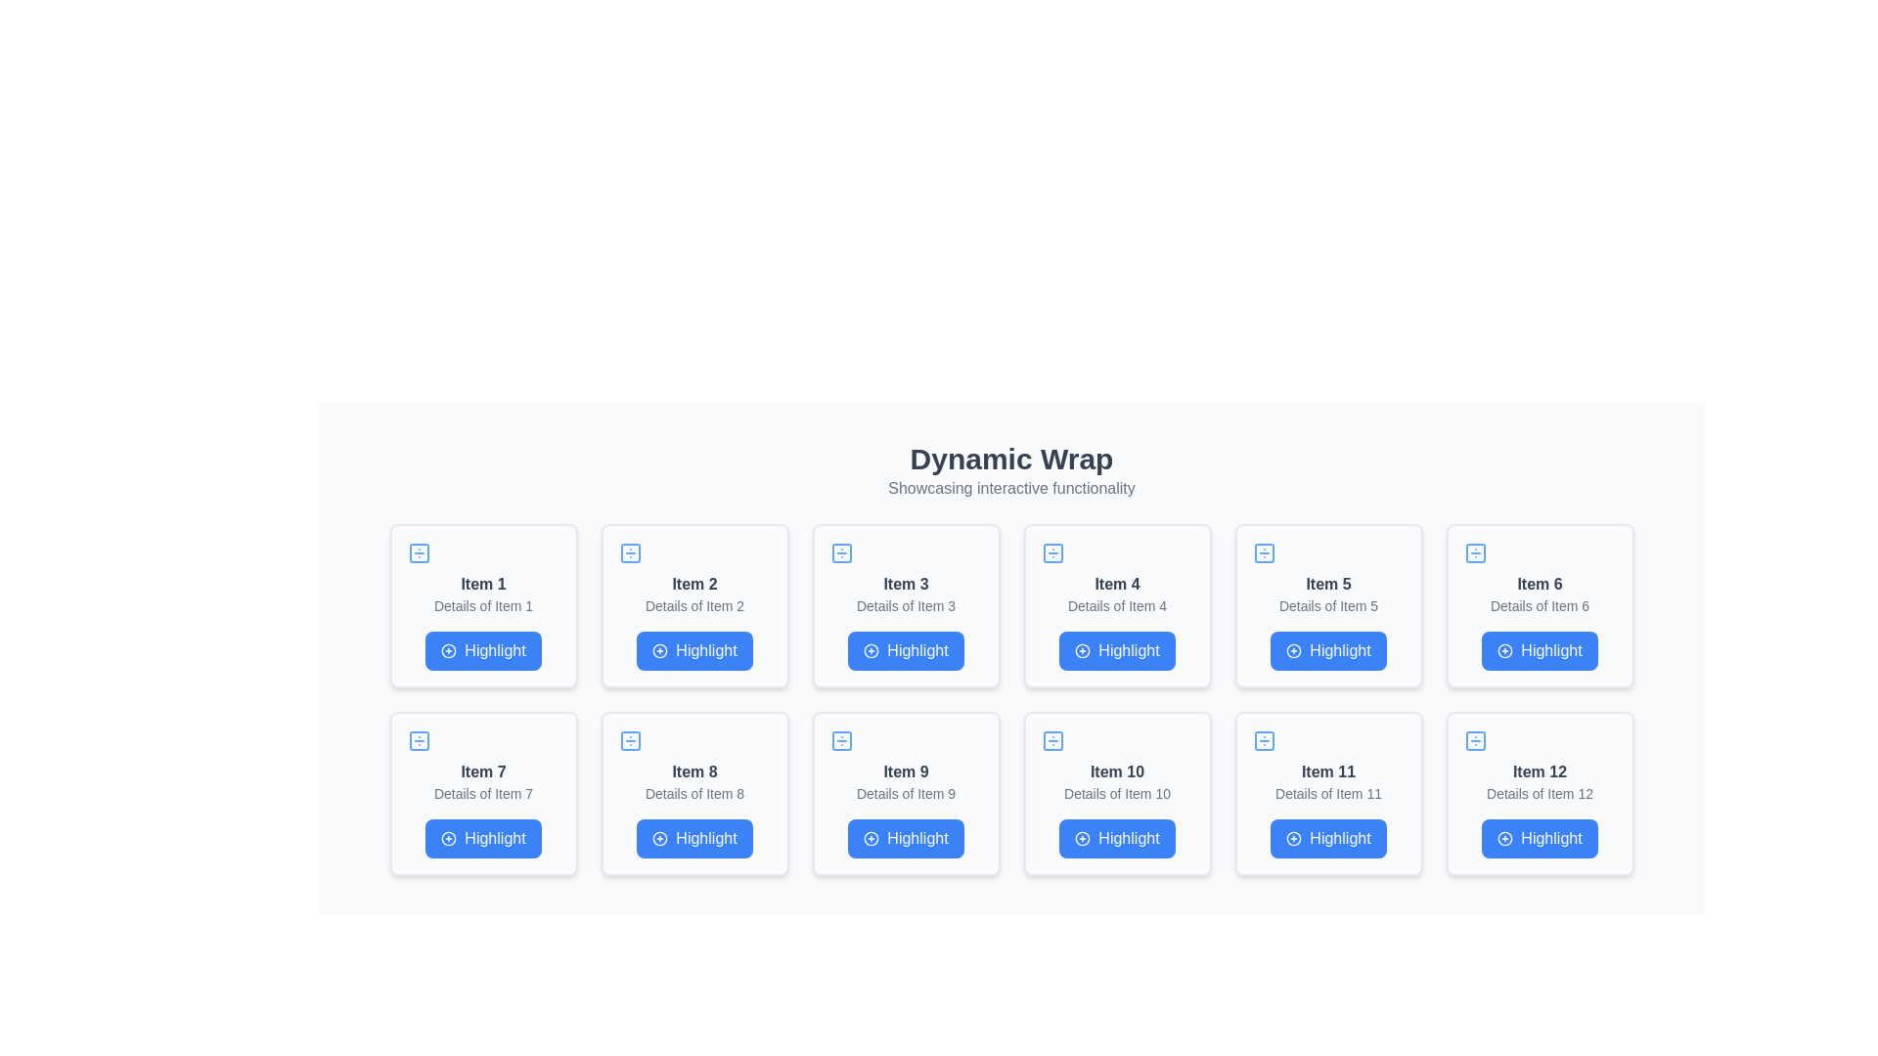 The width and height of the screenshot is (1878, 1056). I want to click on the static text element located below the bold heading 'Dynamic Wrap', which features a gray text style and serves as a subtitle or explanatory note, so click(1011, 488).